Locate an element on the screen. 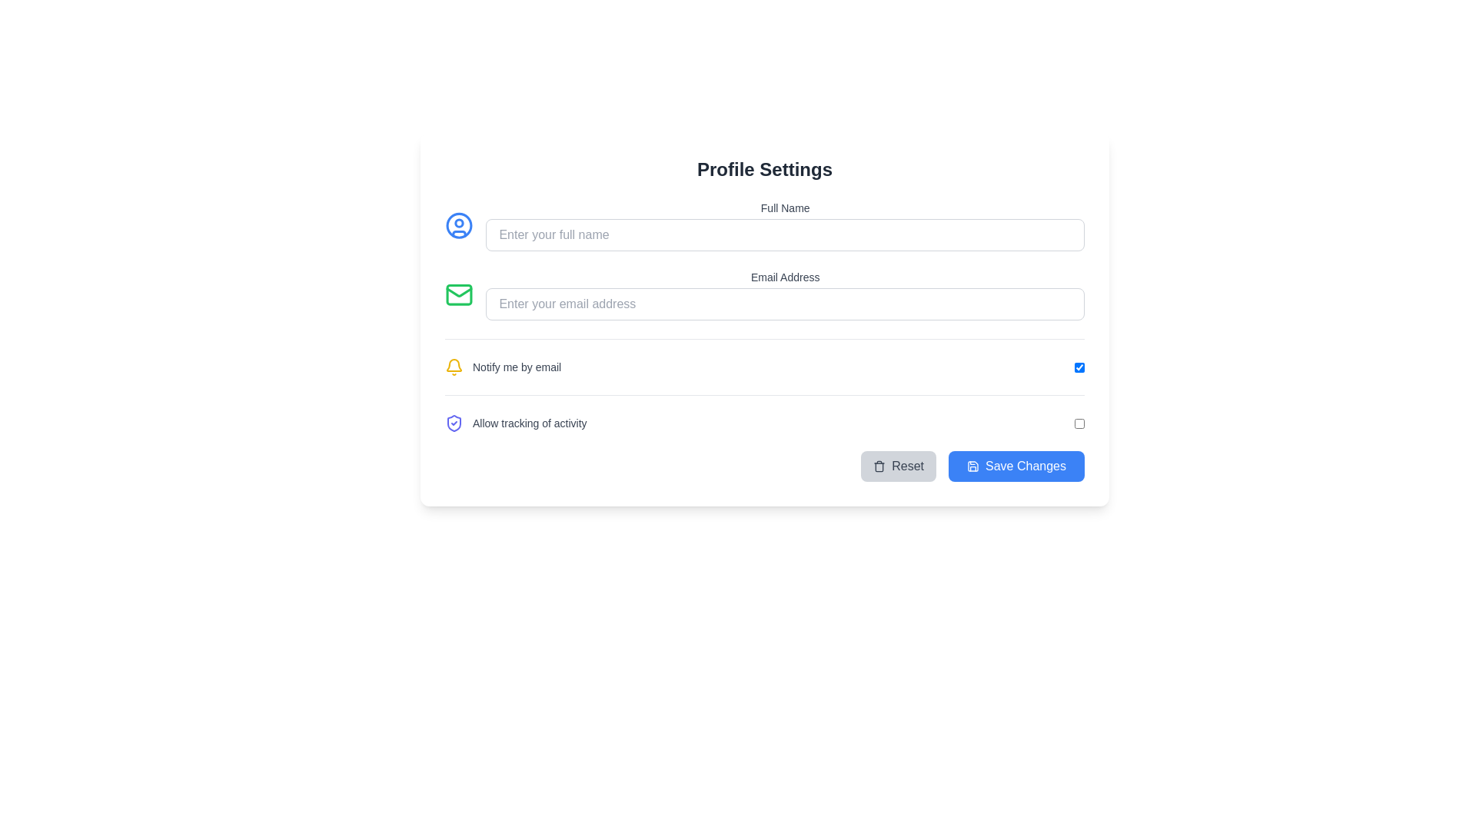 Image resolution: width=1476 pixels, height=830 pixels. the 'Save' button located in the bottom-right corner of the section, which is positioned to the right of the grey 'Reset' button is located at coordinates (1016, 465).